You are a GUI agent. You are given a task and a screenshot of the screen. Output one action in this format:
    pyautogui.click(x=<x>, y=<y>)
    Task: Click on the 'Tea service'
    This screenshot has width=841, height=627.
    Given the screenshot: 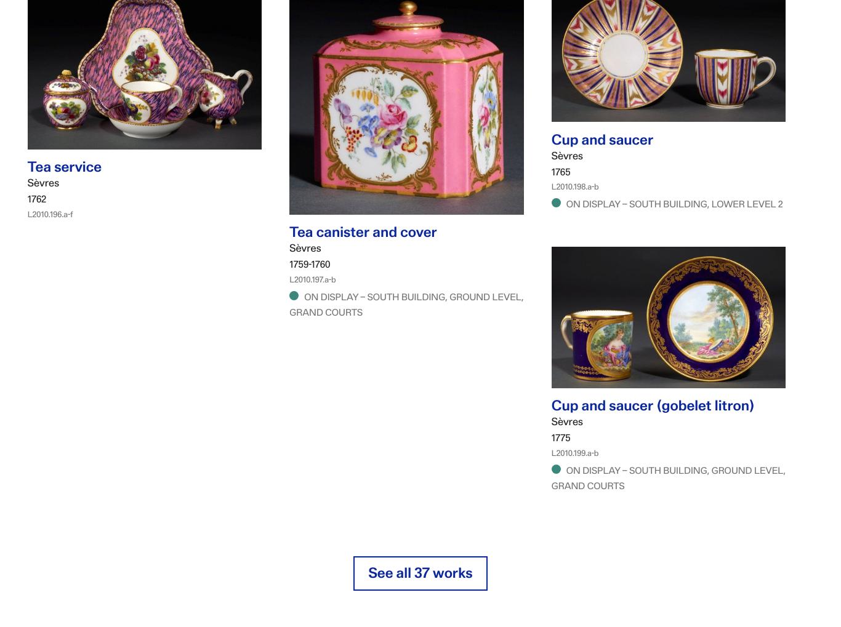 What is the action you would take?
    pyautogui.click(x=64, y=171)
    